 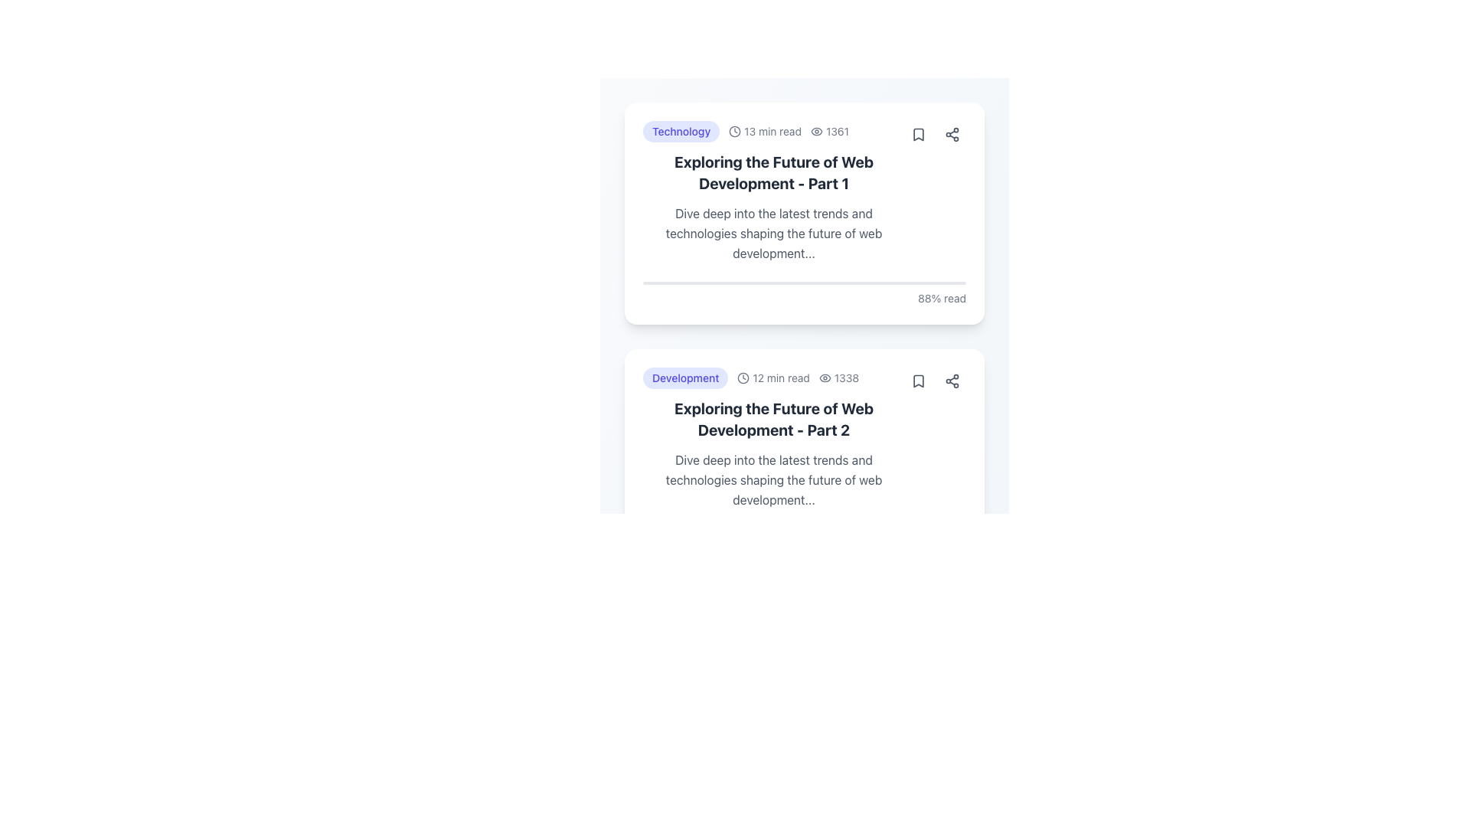 I want to click on the text label displaying the number '1338' with an eye icon to its left, located in the second content card, so click(x=838, y=378).